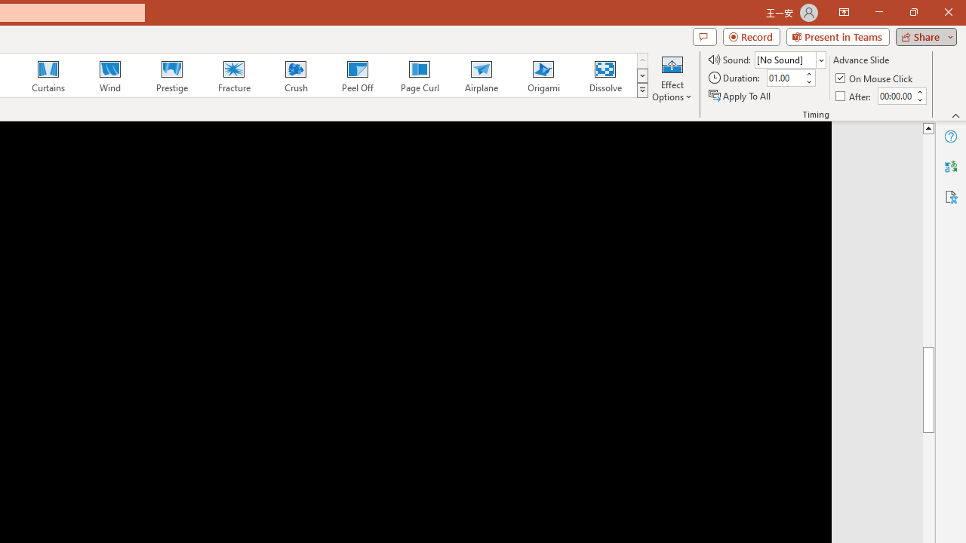  What do you see at coordinates (918, 91) in the screenshot?
I see `'More'` at bounding box center [918, 91].